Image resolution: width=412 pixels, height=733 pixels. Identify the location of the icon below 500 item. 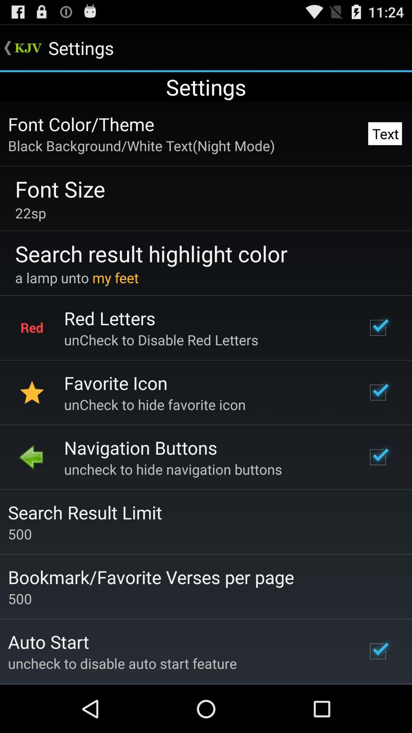
(151, 577).